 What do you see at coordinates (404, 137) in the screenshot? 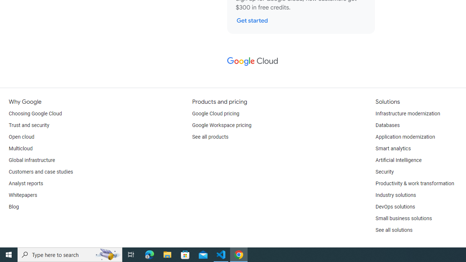
I see `'Application modernization'` at bounding box center [404, 137].